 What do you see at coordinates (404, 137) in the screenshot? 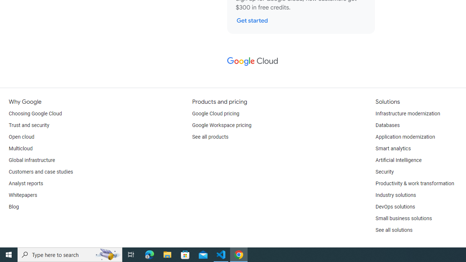
I see `'Application modernization'` at bounding box center [404, 137].